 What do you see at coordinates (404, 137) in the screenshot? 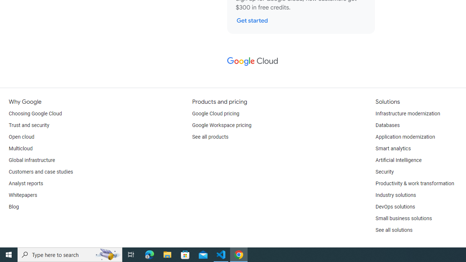
I see `'Application modernization'` at bounding box center [404, 137].